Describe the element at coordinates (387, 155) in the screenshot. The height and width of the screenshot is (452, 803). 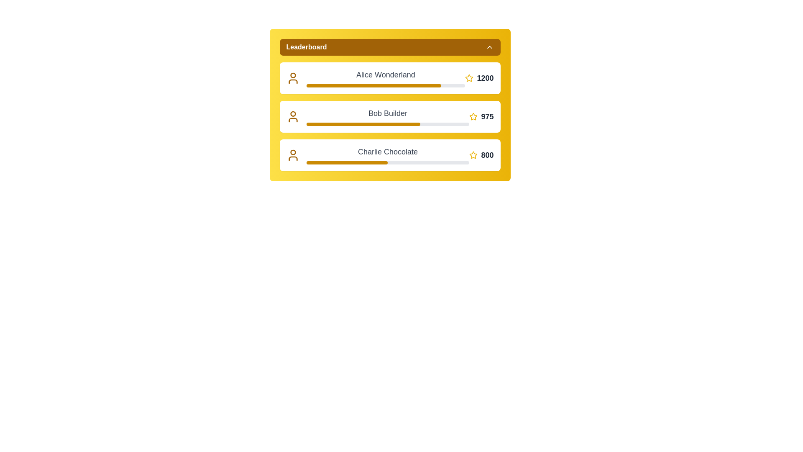
I see `the text label displaying 'Charlie Chocolate' in the leaderboard interface, which is located in the bottommost row of the leaderboard` at that location.